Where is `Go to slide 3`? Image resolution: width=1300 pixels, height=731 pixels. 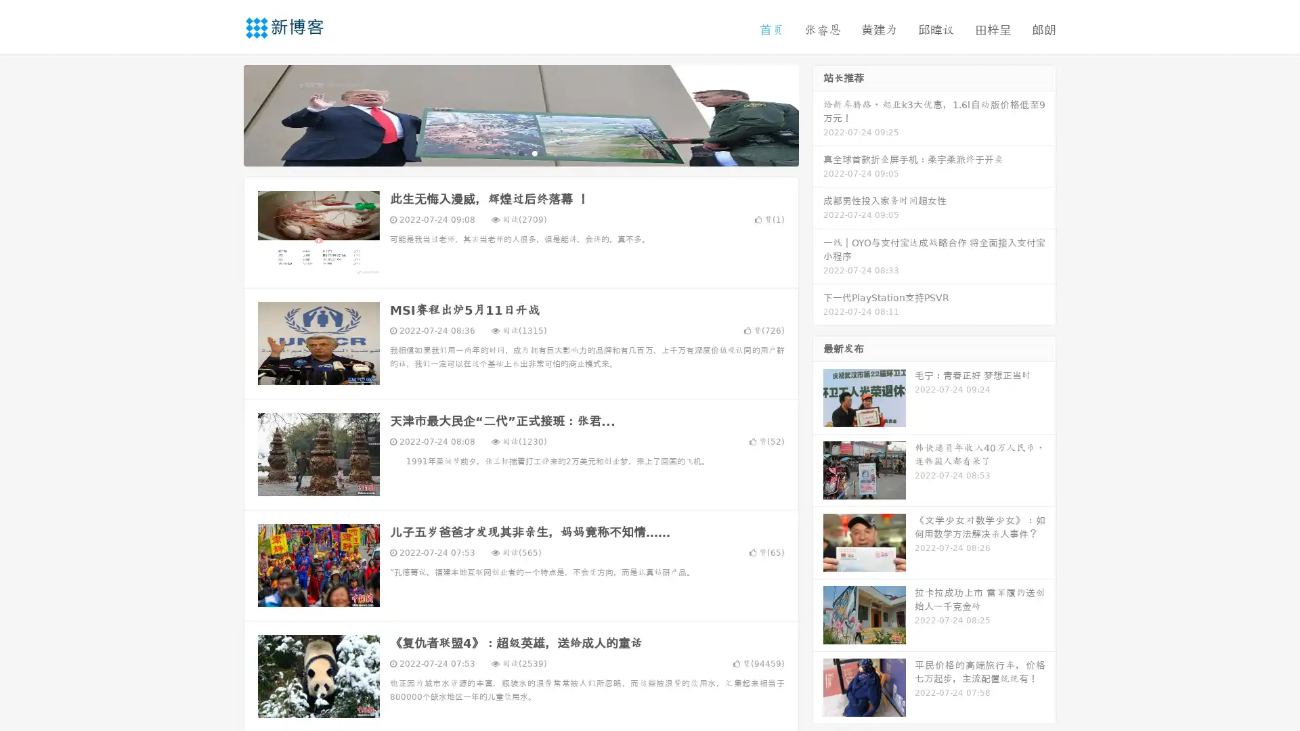 Go to slide 3 is located at coordinates (534, 152).